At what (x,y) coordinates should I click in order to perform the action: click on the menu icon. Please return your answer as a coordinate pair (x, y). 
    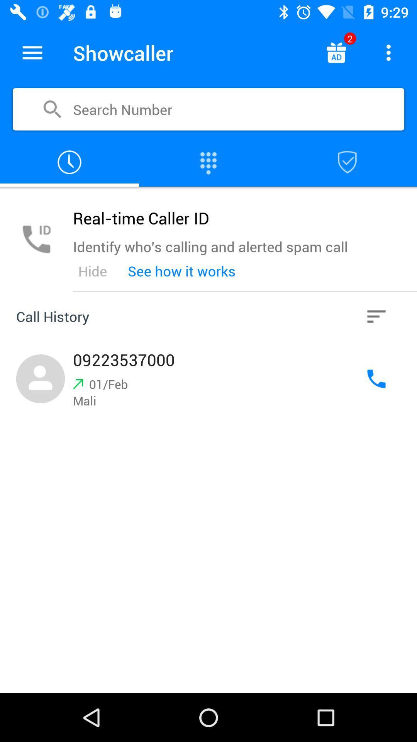
    Looking at the image, I should click on (32, 52).